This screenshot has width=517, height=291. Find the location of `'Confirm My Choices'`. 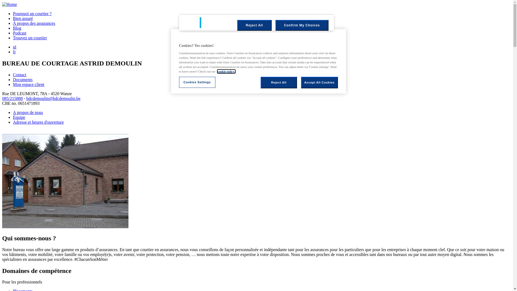

'Confirm My Choices' is located at coordinates (302, 25).